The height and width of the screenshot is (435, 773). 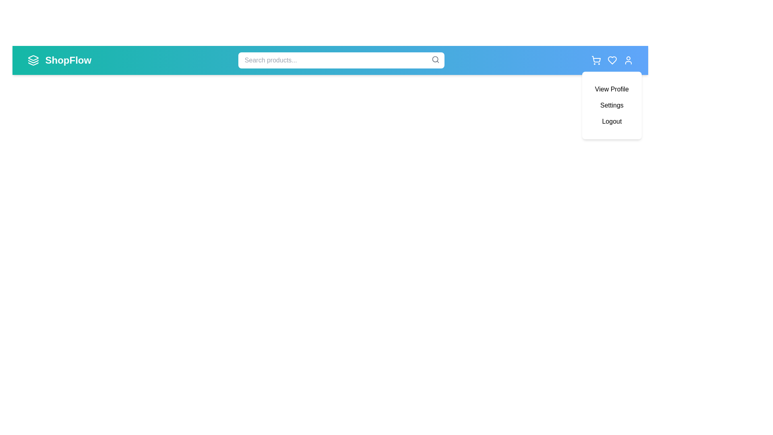 I want to click on the branding logo located at the top-left corner of the app bar, so click(x=33, y=60).